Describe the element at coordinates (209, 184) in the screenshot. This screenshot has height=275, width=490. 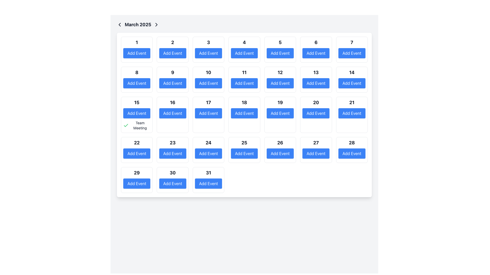
I see `the 'Add Event' button with a vibrant blue background located in the calendar cell for the date '31' to change its shade` at that location.